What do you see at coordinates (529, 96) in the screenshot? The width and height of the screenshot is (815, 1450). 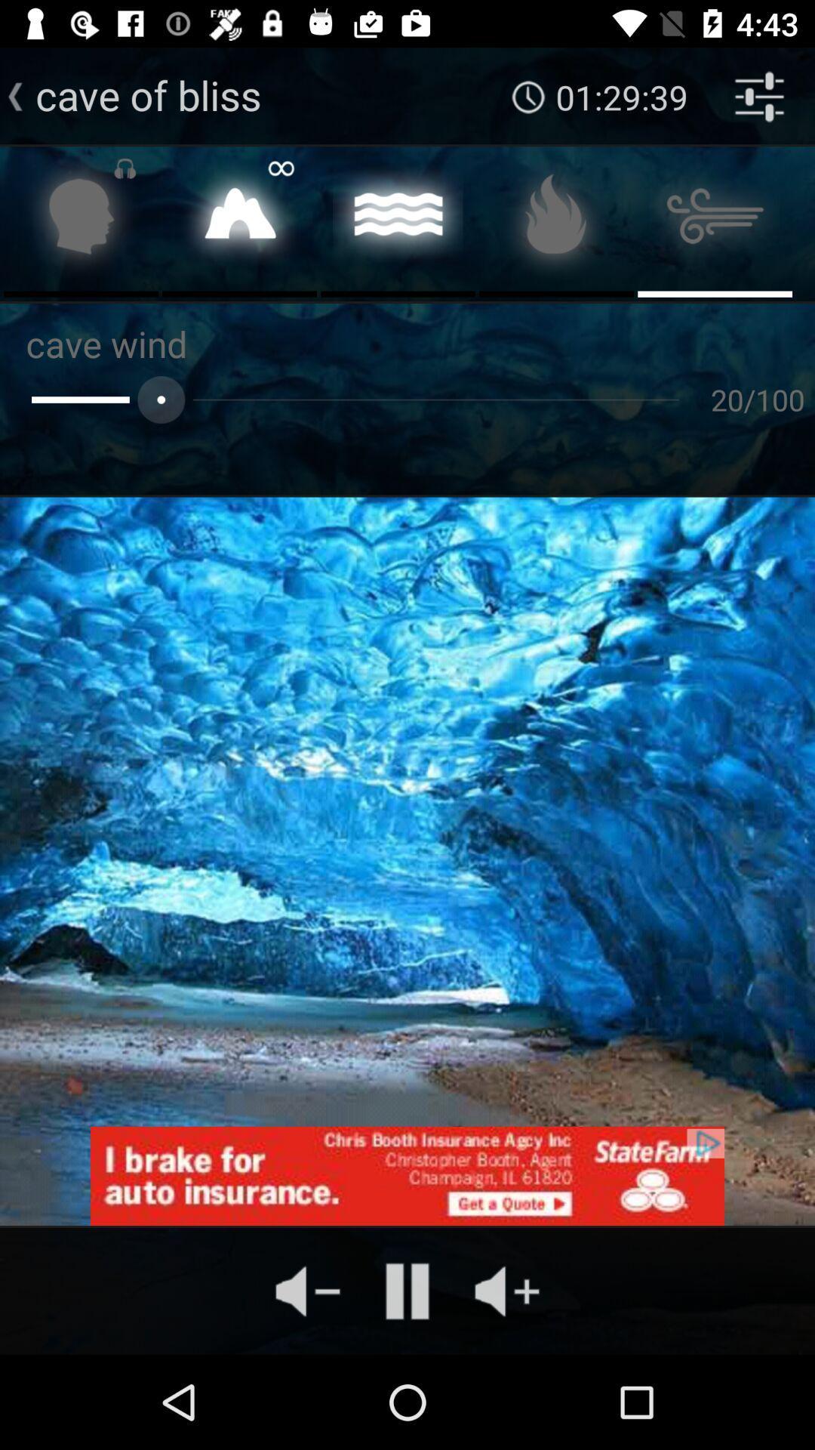 I see `the time icon` at bounding box center [529, 96].